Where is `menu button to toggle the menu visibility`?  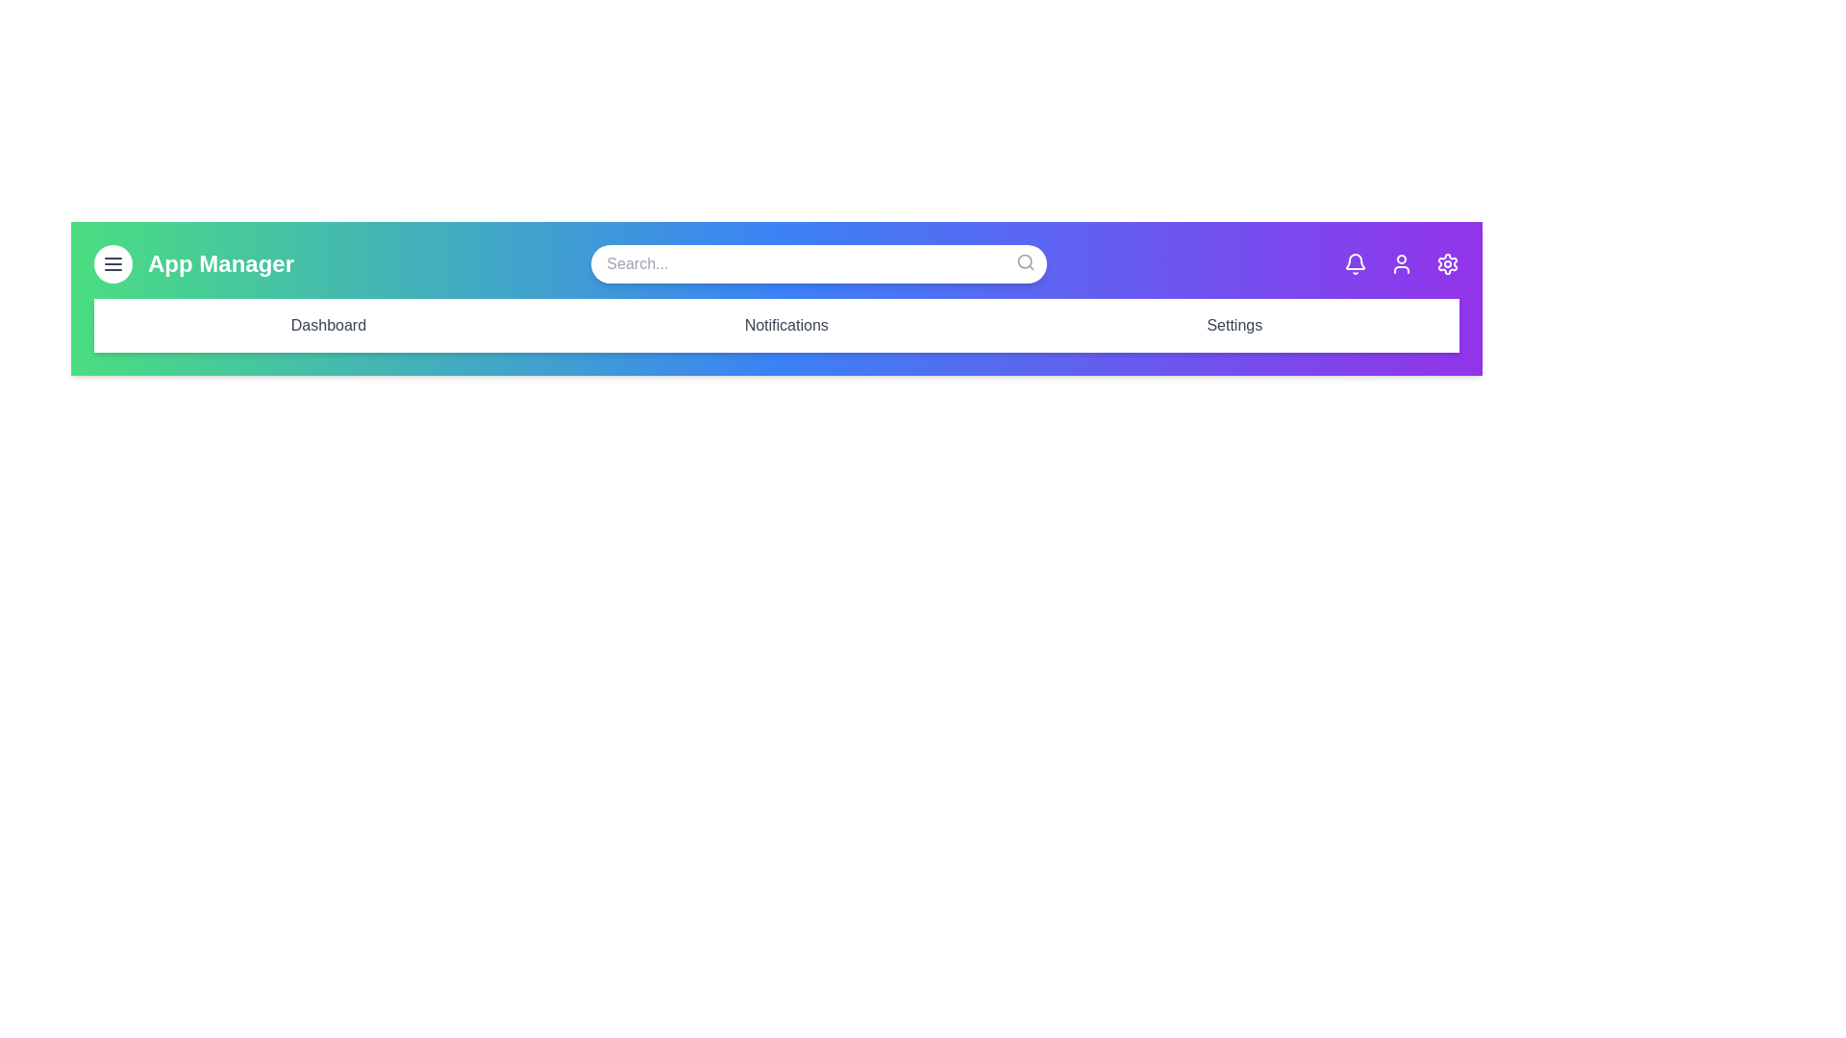
menu button to toggle the menu visibility is located at coordinates (112, 263).